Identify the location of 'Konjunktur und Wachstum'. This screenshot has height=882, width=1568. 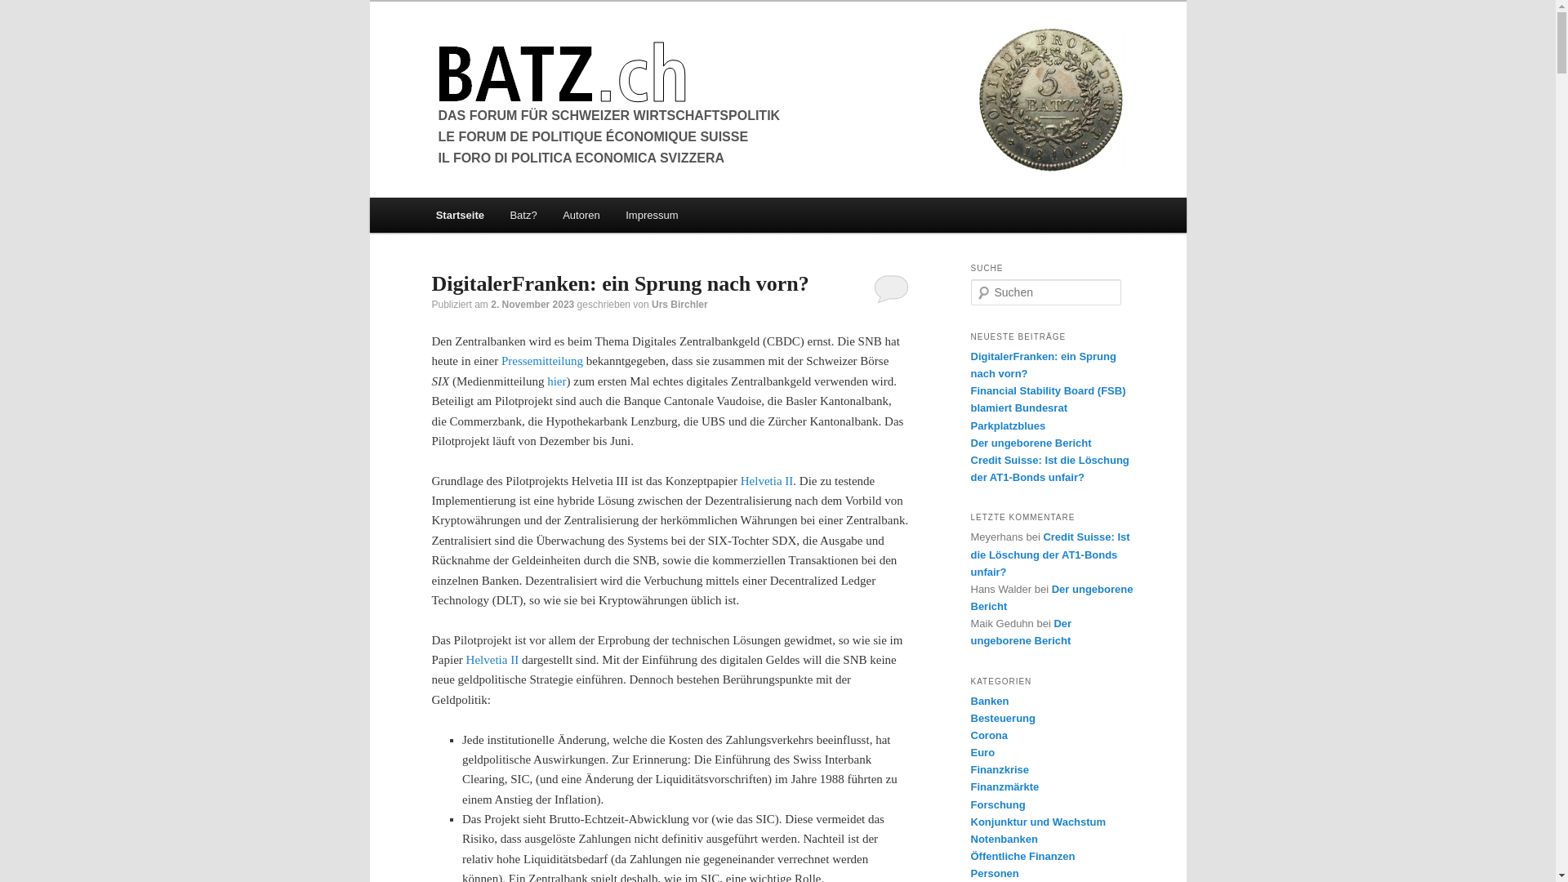
(1037, 822).